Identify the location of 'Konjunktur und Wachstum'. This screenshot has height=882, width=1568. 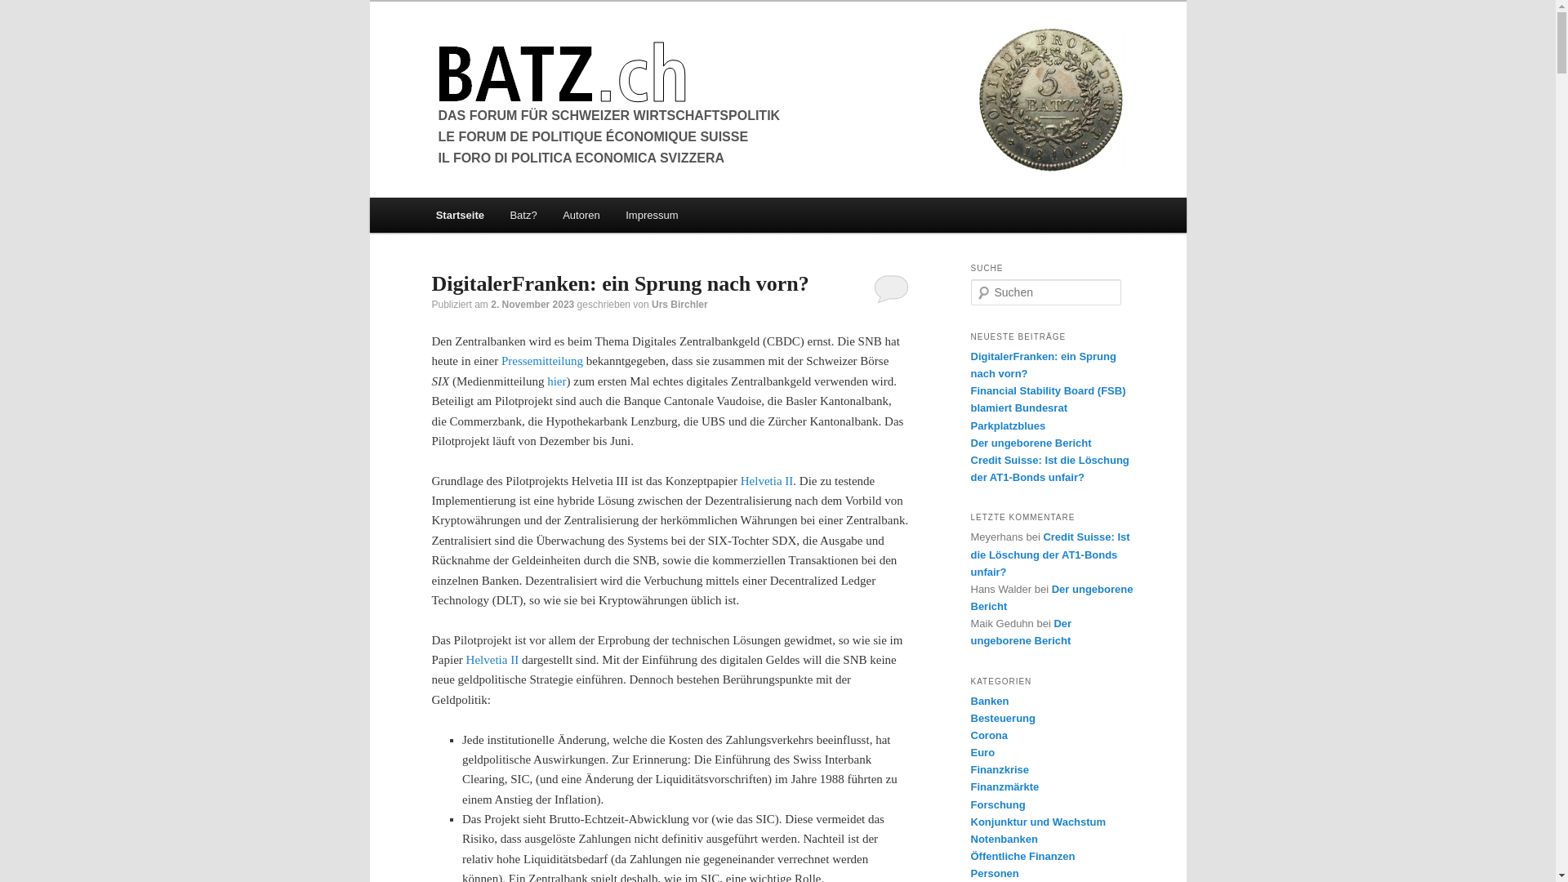
(1037, 822).